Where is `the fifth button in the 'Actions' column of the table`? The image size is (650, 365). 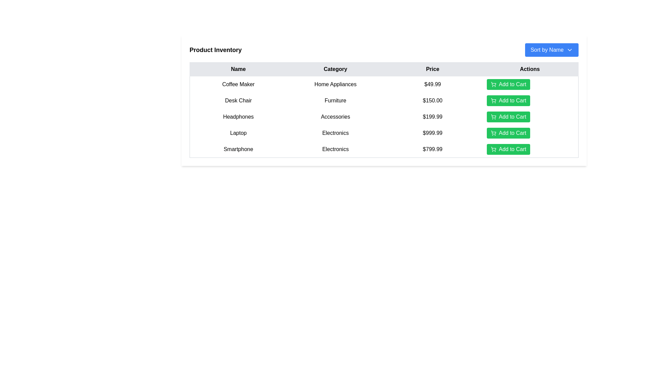
the fifth button in the 'Actions' column of the table is located at coordinates (508, 149).